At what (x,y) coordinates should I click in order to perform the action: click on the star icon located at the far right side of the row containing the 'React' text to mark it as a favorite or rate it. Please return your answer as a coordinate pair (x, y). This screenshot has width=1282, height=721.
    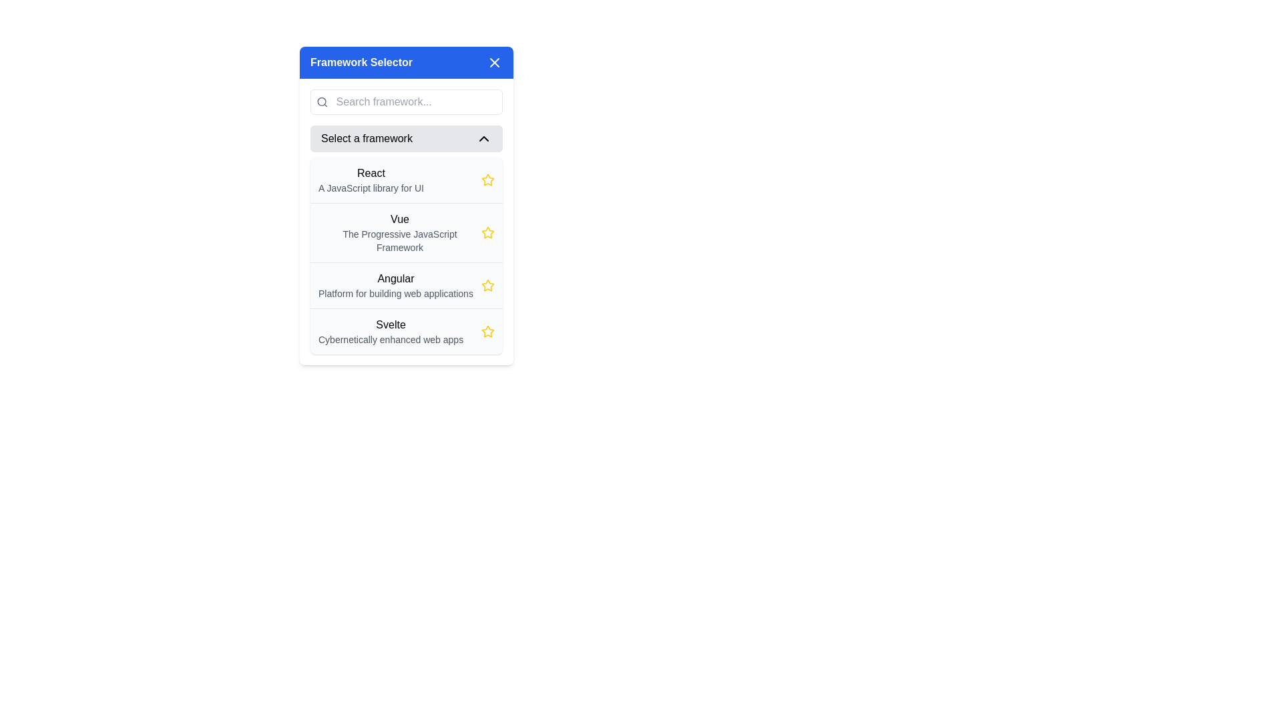
    Looking at the image, I should click on (487, 180).